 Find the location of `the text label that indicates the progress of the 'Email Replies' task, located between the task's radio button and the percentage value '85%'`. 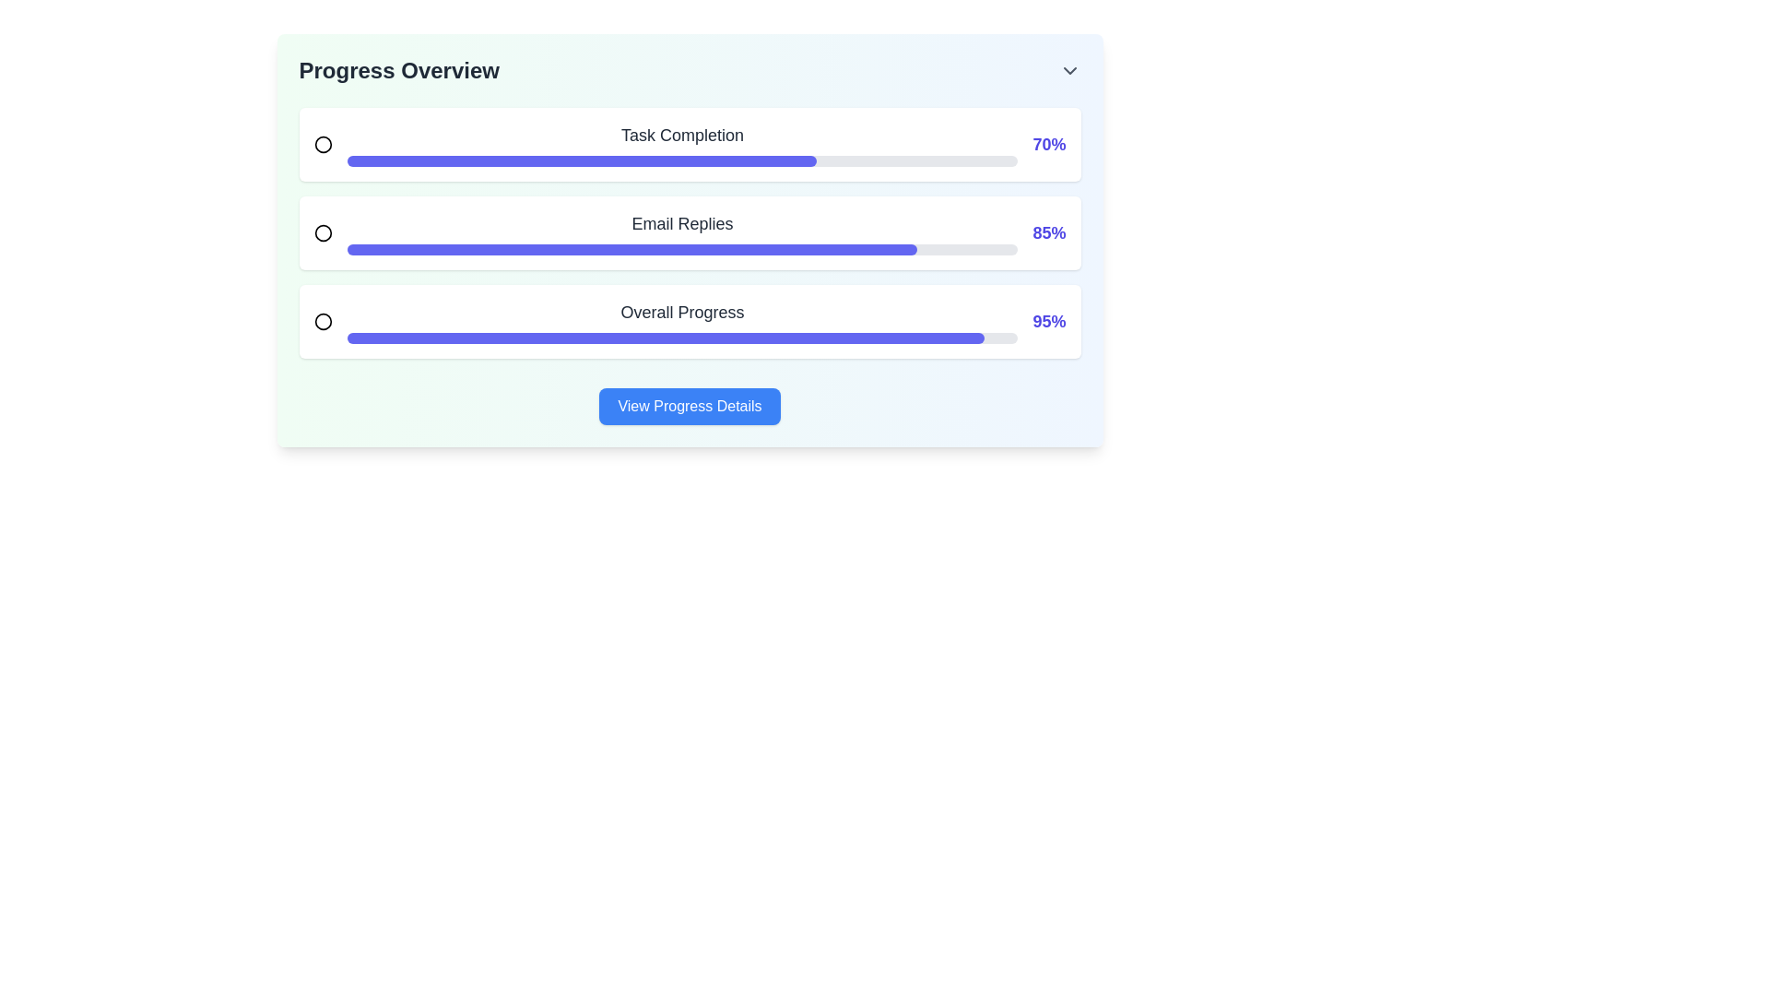

the text label that indicates the progress of the 'Email Replies' task, located between the task's radio button and the percentage value '85%' is located at coordinates (681, 223).